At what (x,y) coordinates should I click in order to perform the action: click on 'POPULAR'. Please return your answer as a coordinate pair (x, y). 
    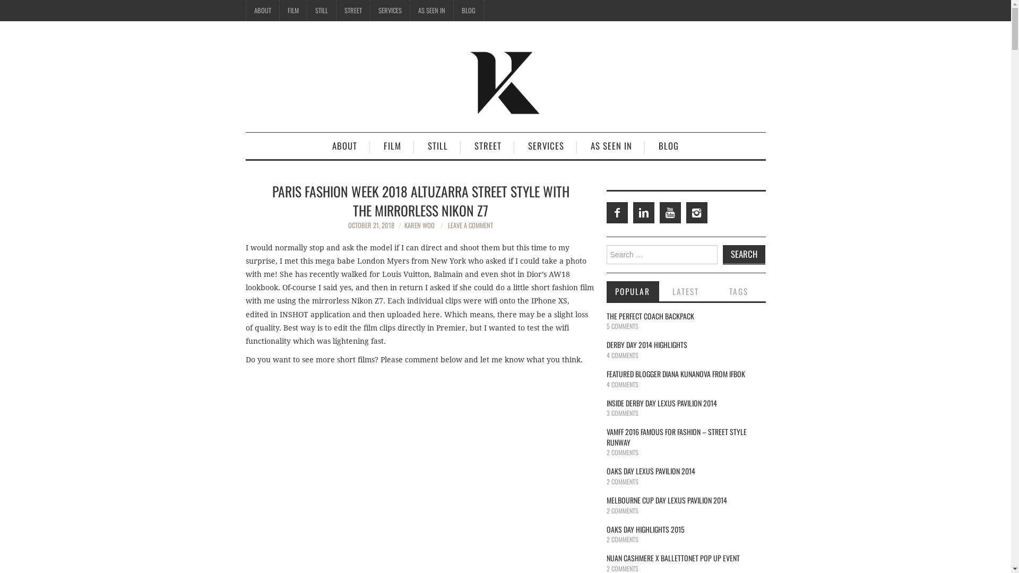
    Looking at the image, I should click on (606, 291).